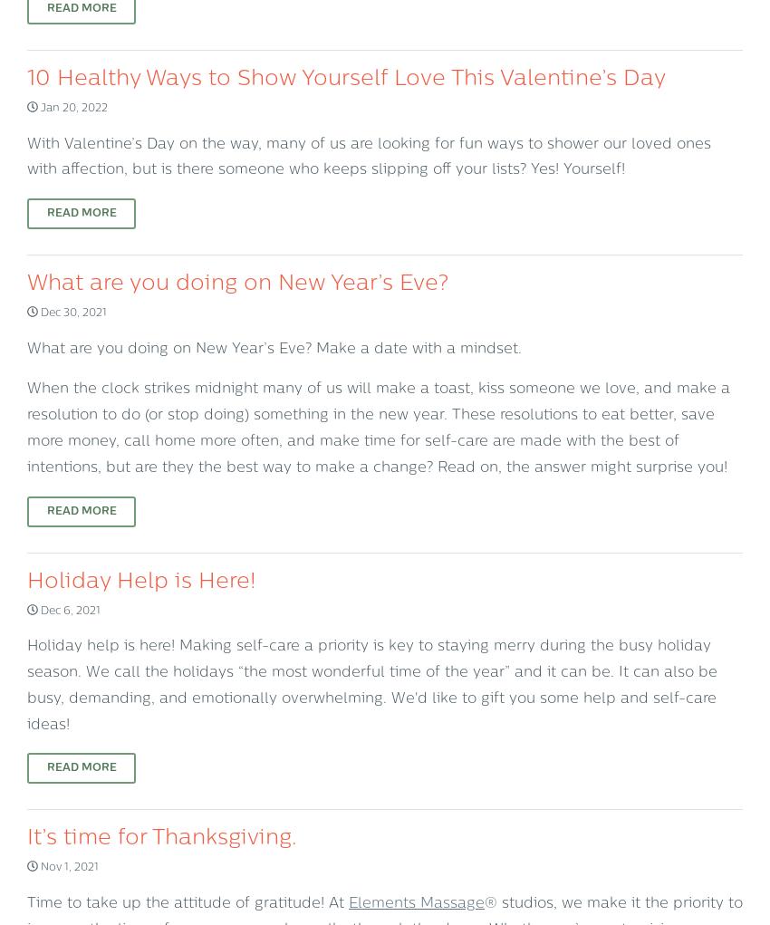  I want to click on 'What are you doing on New Year’s Eve?', so click(26, 284).